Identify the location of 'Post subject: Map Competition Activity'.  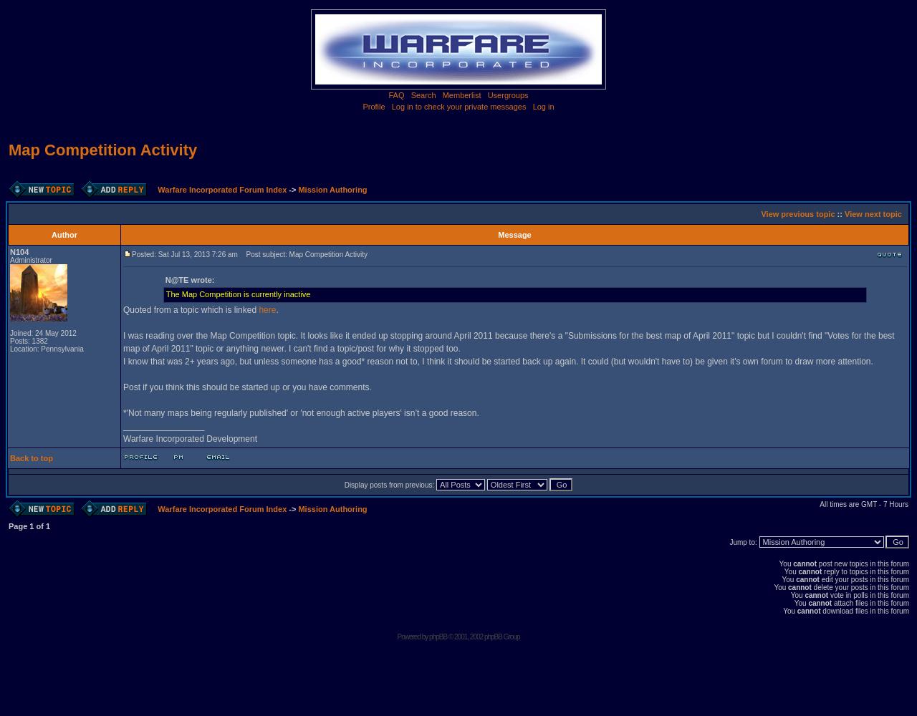
(239, 253).